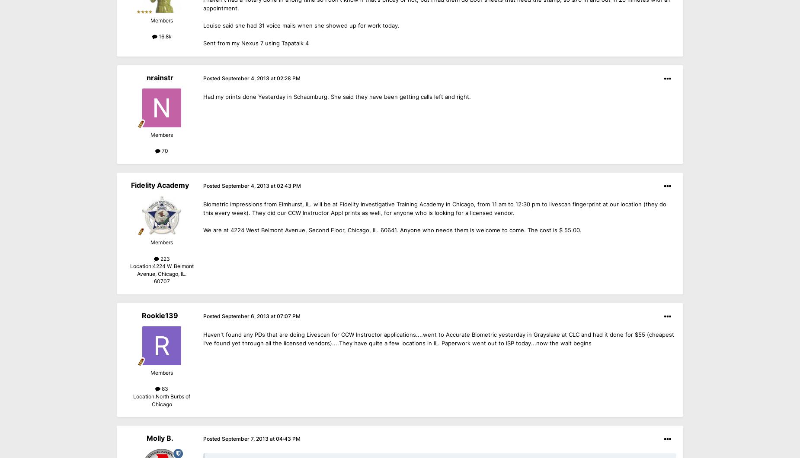  I want to click on '16.8k', so click(163, 36).